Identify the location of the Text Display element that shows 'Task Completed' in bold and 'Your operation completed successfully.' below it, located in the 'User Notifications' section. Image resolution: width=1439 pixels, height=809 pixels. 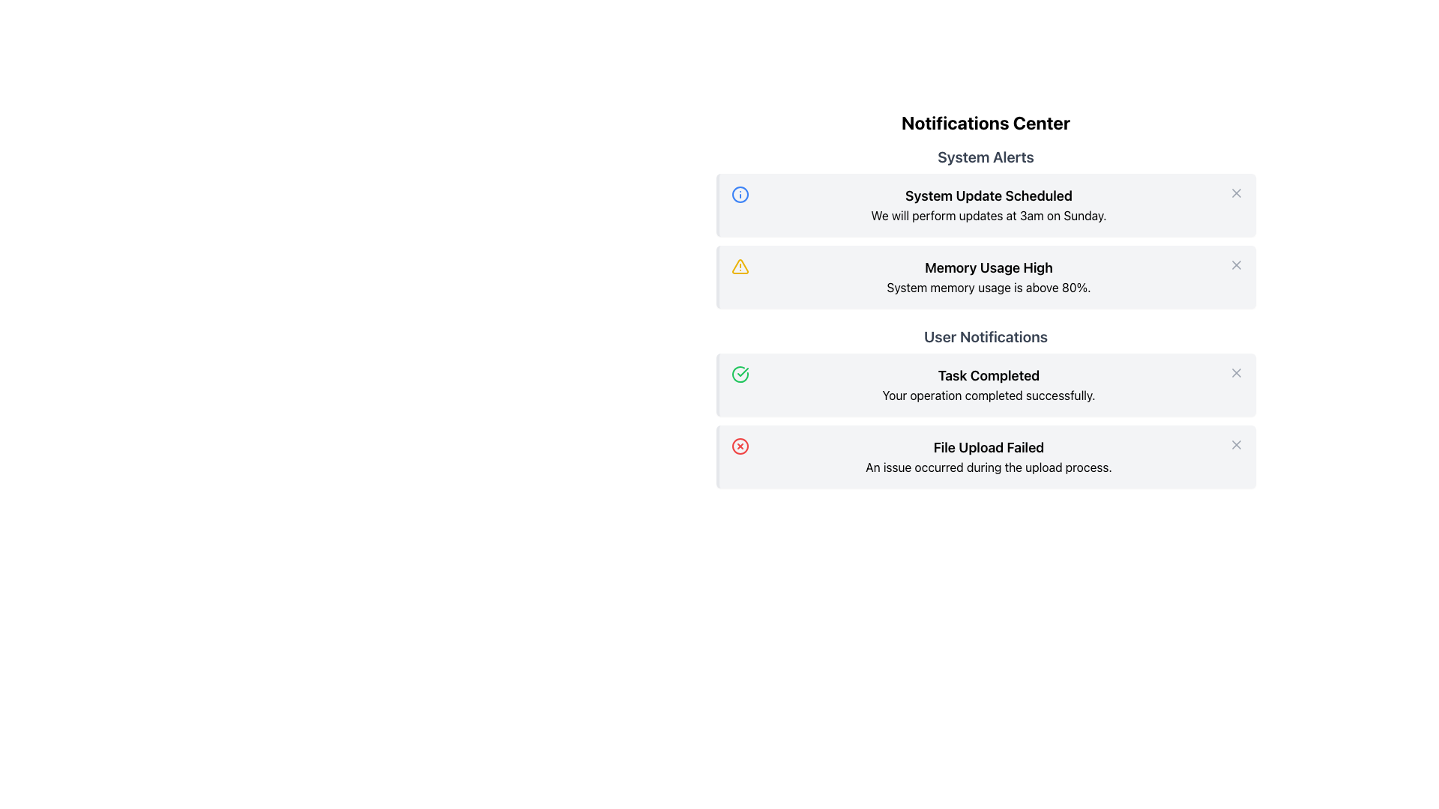
(989, 384).